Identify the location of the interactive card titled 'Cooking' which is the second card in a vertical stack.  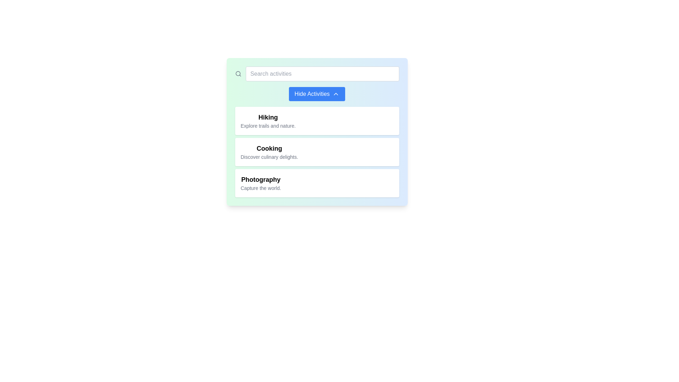
(317, 151).